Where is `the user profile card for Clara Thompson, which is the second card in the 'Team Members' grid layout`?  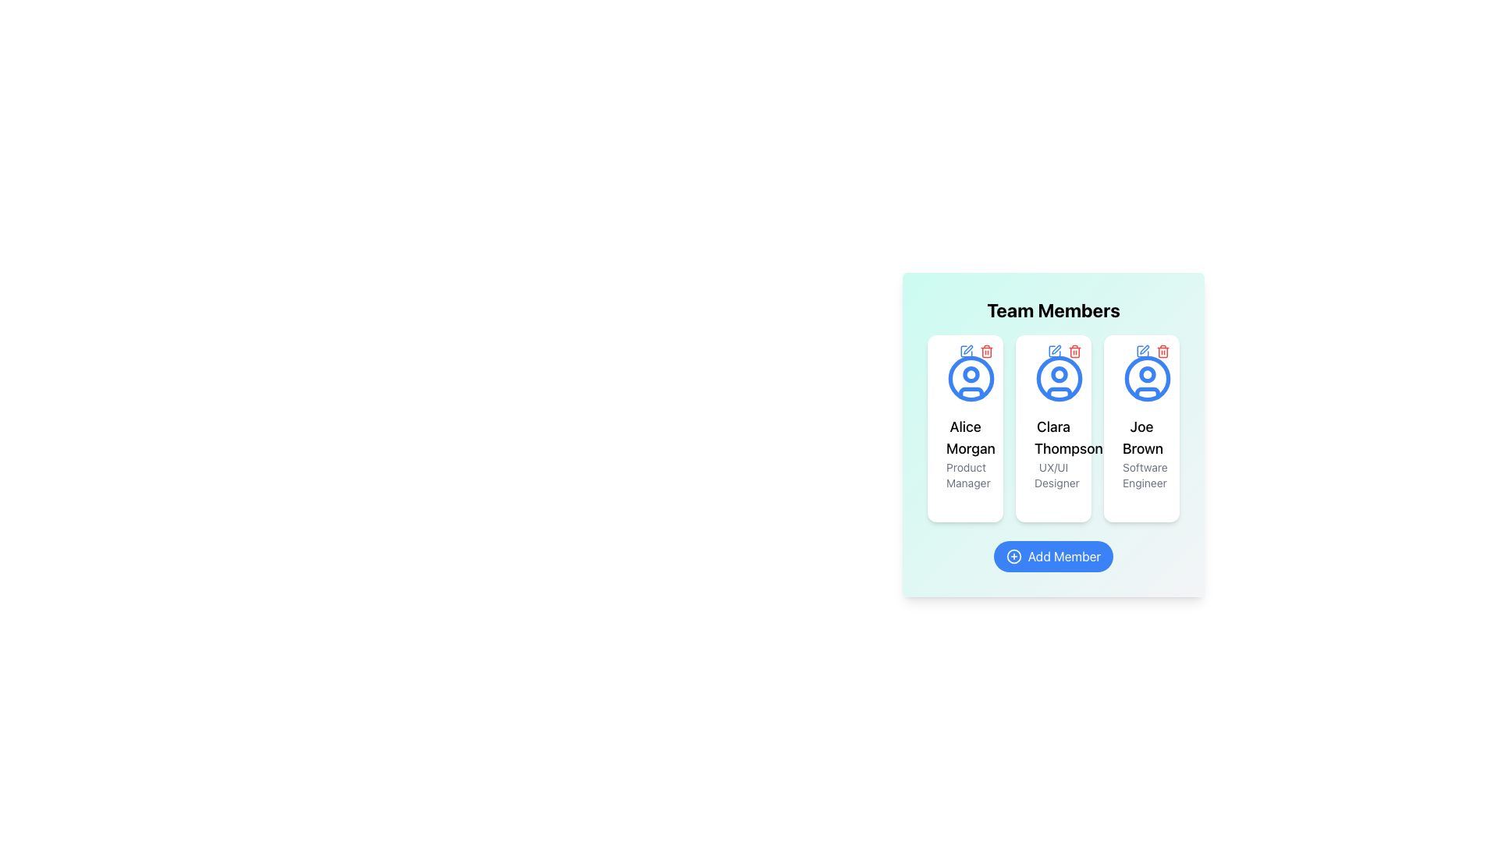
the user profile card for Clara Thompson, which is the second card in the 'Team Members' grid layout is located at coordinates (1053, 435).